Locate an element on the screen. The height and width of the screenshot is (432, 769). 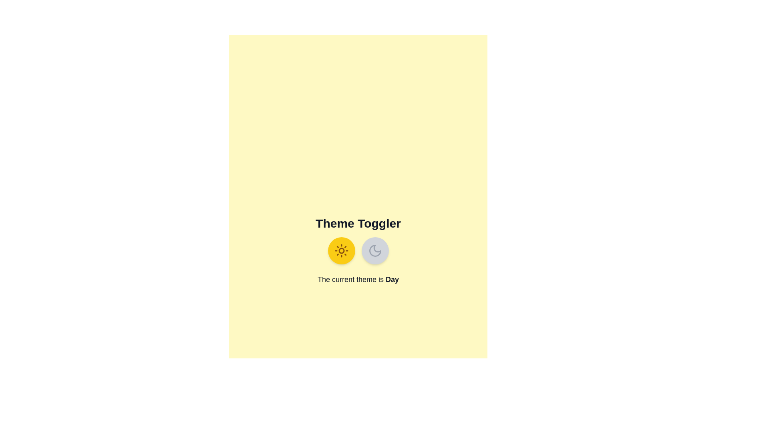
'Night' button to set the theme to night mode is located at coordinates (374, 250).